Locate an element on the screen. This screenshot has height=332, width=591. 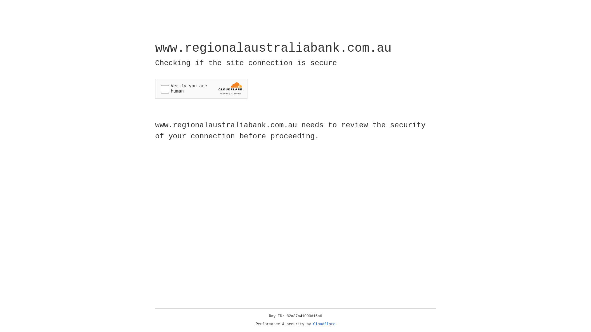
'Cloudflare' is located at coordinates (324, 324).